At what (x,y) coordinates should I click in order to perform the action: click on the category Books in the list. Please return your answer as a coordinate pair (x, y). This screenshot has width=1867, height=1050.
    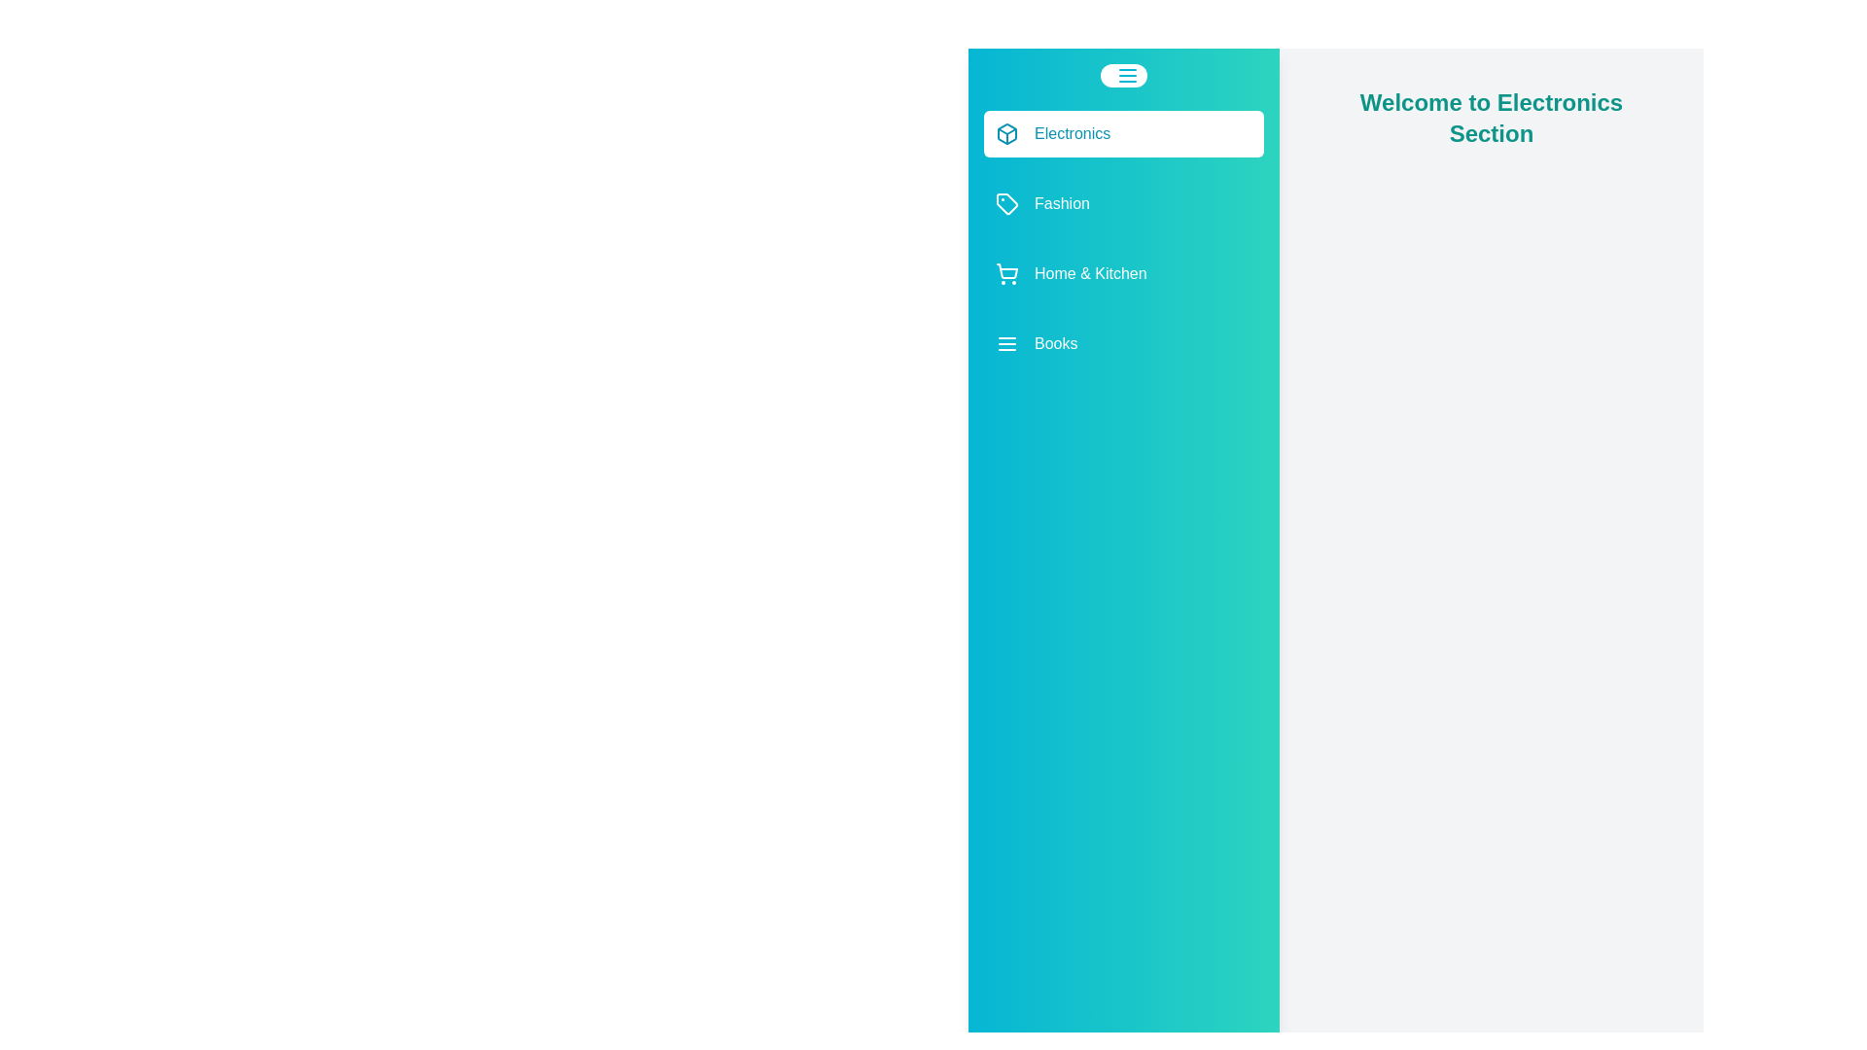
    Looking at the image, I should click on (1124, 343).